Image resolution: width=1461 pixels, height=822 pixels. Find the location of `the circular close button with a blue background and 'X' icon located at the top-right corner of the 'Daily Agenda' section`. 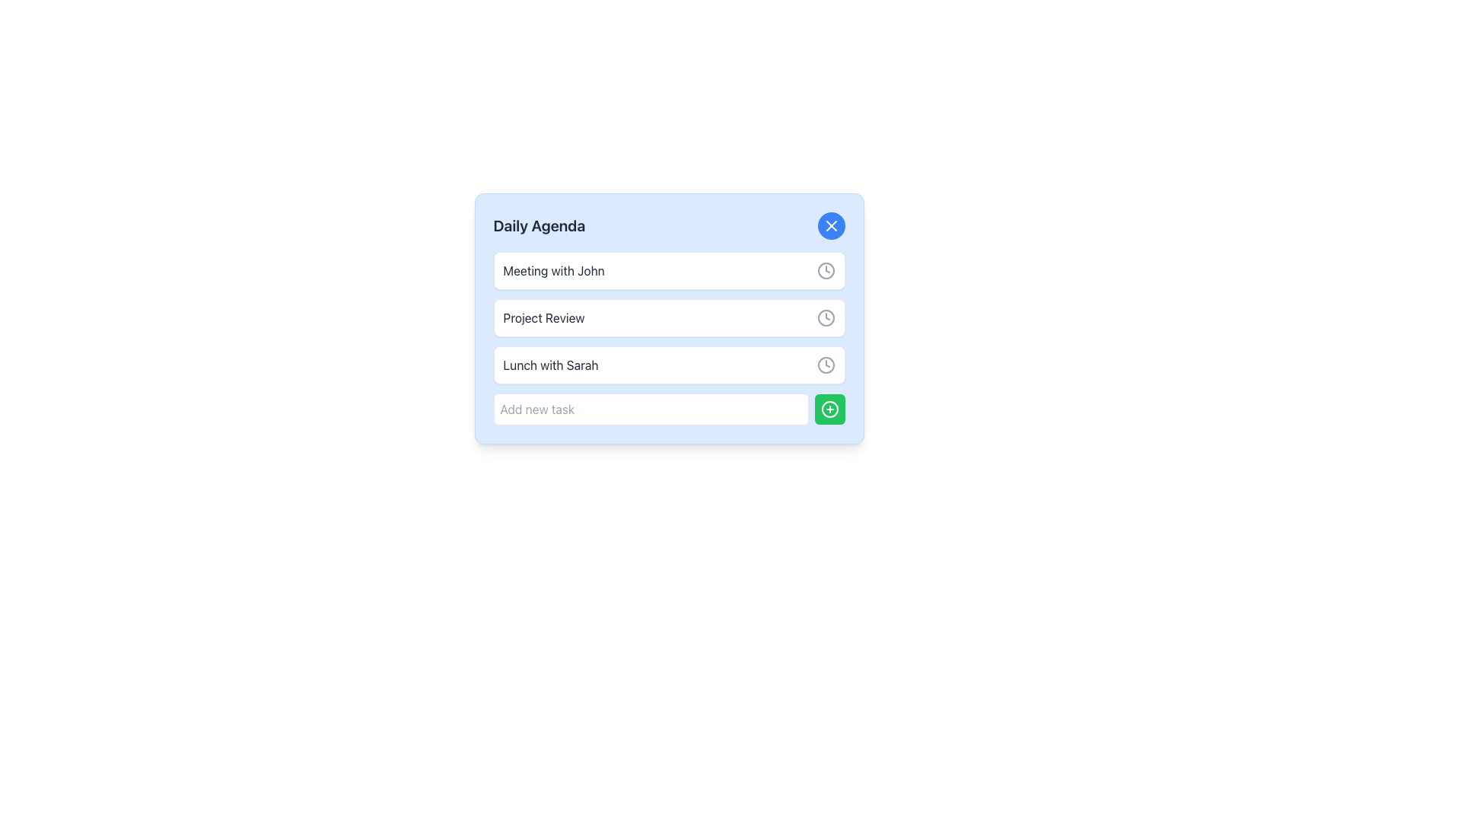

the circular close button with a blue background and 'X' icon located at the top-right corner of the 'Daily Agenda' section is located at coordinates (830, 226).